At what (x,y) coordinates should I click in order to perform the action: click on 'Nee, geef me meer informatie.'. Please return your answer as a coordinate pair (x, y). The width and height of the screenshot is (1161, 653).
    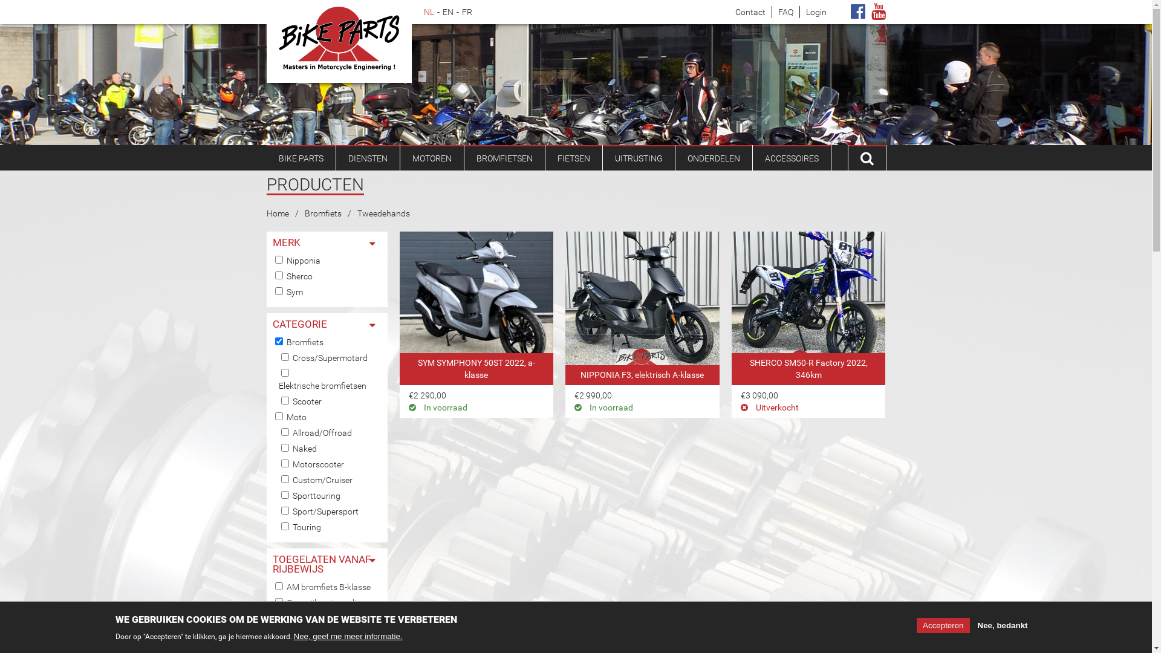
    Looking at the image, I should click on (348, 635).